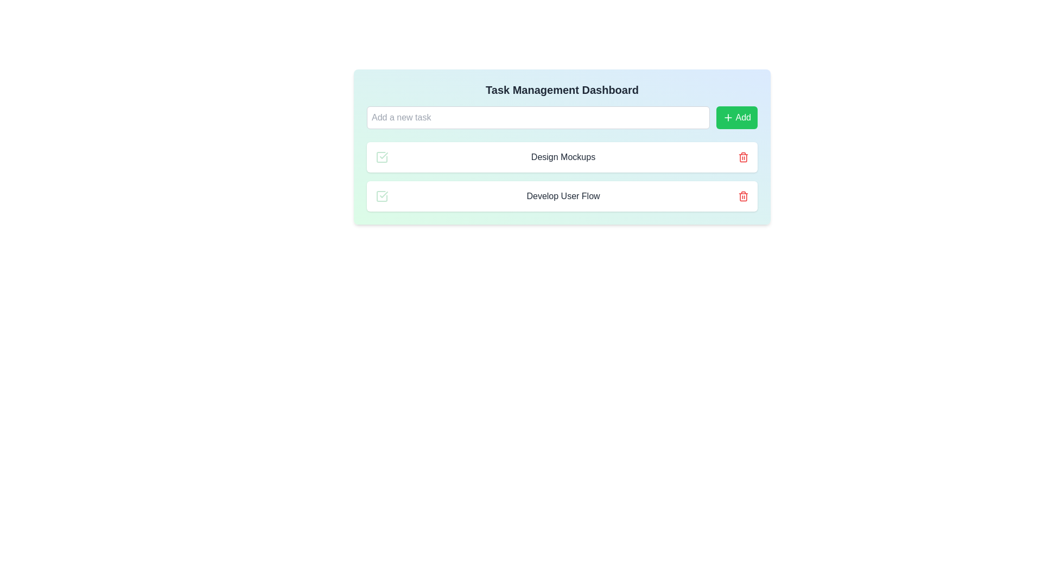 The height and width of the screenshot is (586, 1042). Describe the element at coordinates (562, 89) in the screenshot. I see `the 'Task Management Dashboard' header, which is prominently displayed at the top of the task management interface` at that location.